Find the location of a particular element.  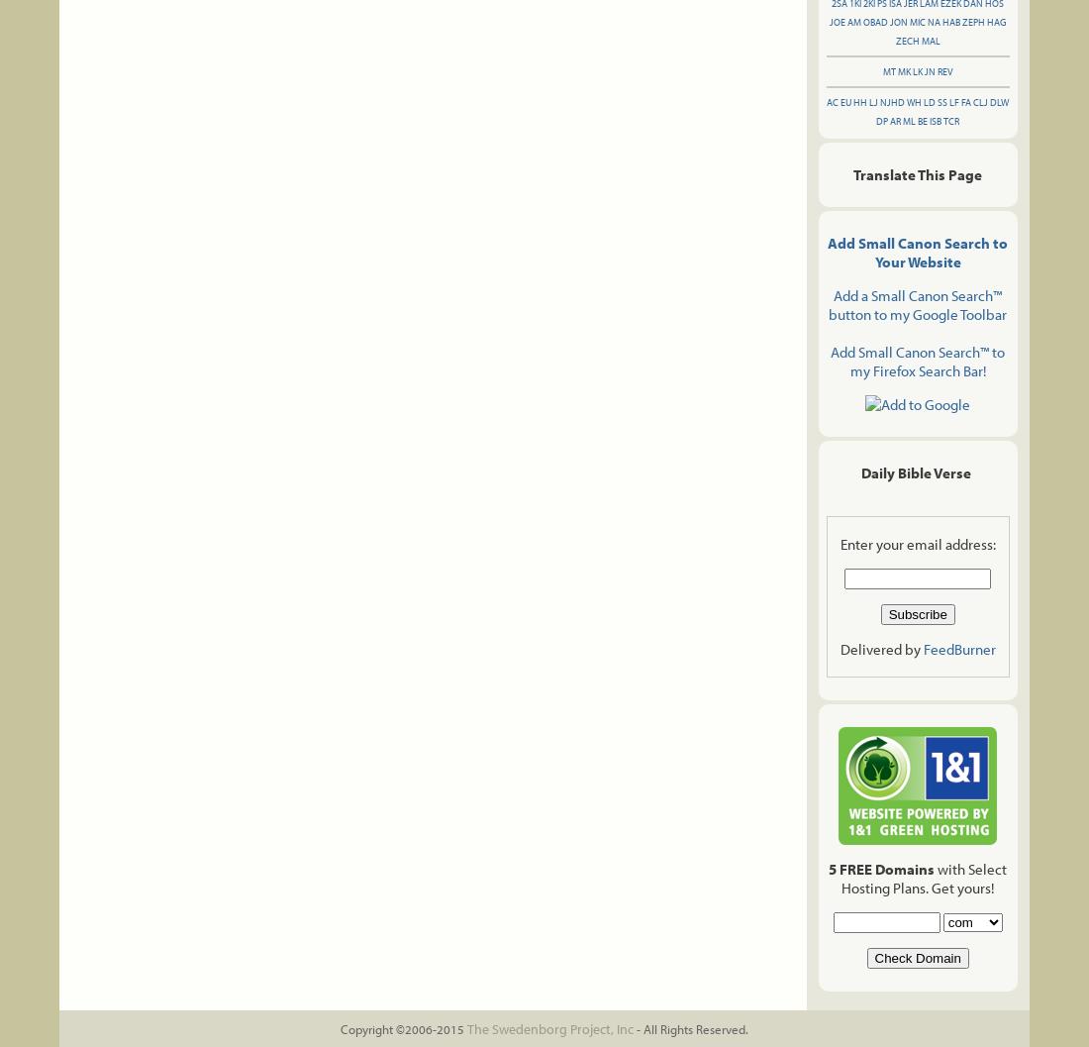

'LK' is located at coordinates (912, 71).